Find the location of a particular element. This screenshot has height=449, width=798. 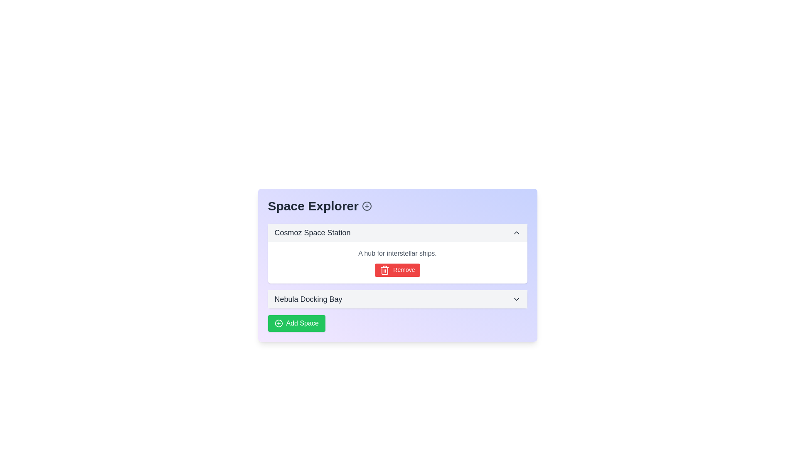

the 'Remove' button styled in red, which has a white trash icon and is located below the header 'Cosmoz Space Station' is located at coordinates (397, 263).